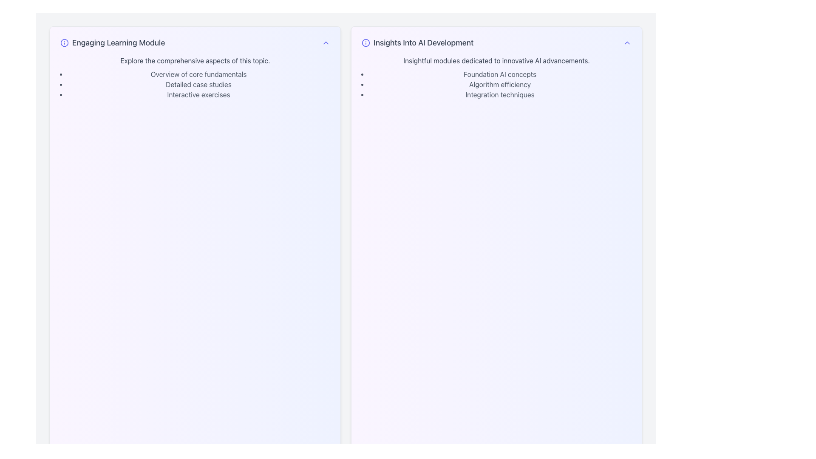 The image size is (816, 459). What do you see at coordinates (195, 60) in the screenshot?
I see `the text block that says 'Explore the comprehensive aspects of this topic.' which is styled in light gray and positioned below the header 'Engaging Learning Module.'` at bounding box center [195, 60].